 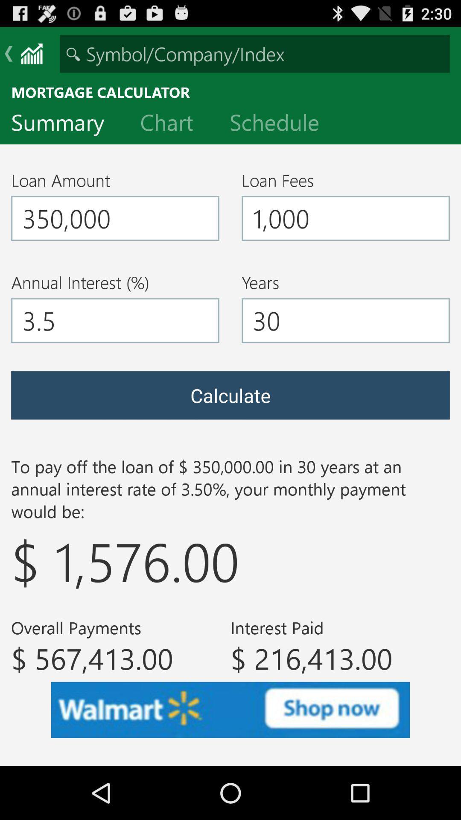 I want to click on the calculate button, so click(x=230, y=395).